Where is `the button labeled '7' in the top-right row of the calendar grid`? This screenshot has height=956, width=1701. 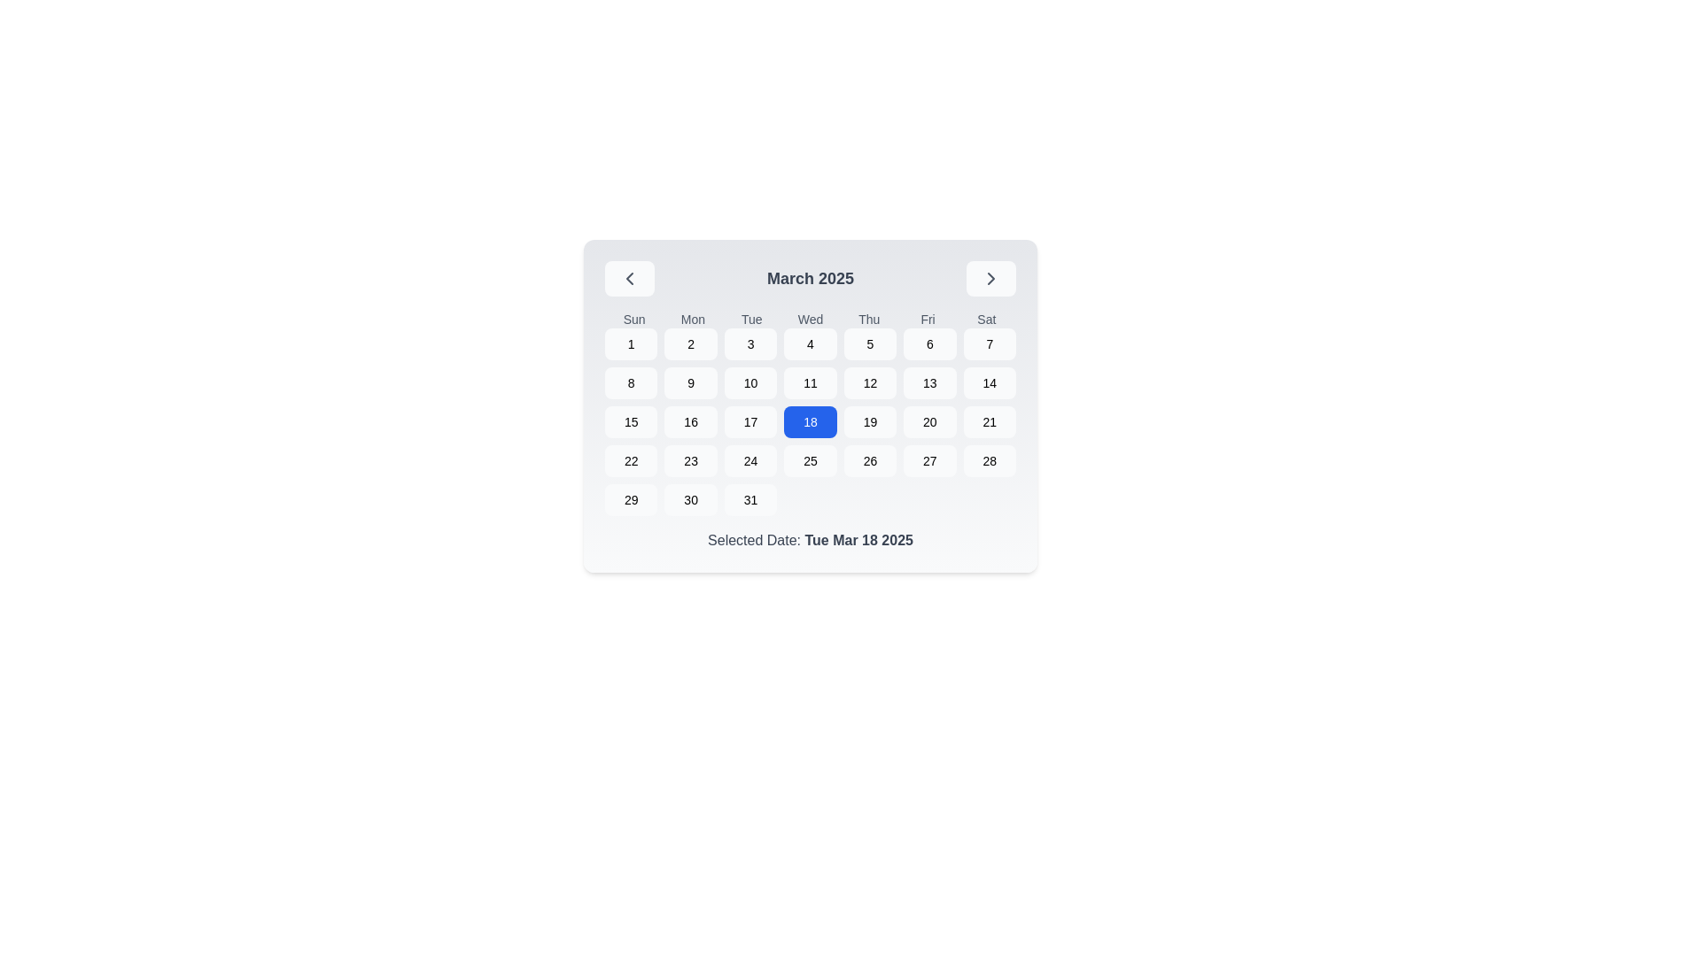 the button labeled '7' in the top-right row of the calendar grid is located at coordinates (989, 344).